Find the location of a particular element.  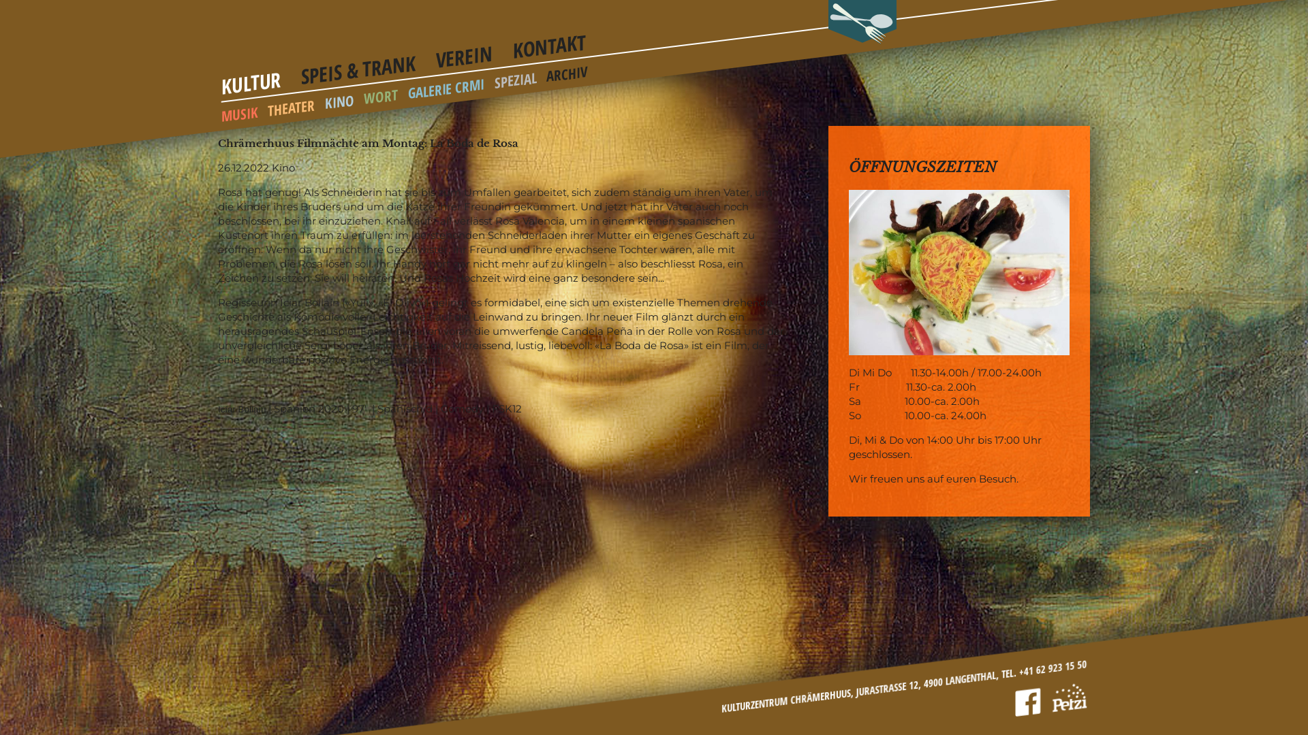

'WORT' is located at coordinates (380, 94).